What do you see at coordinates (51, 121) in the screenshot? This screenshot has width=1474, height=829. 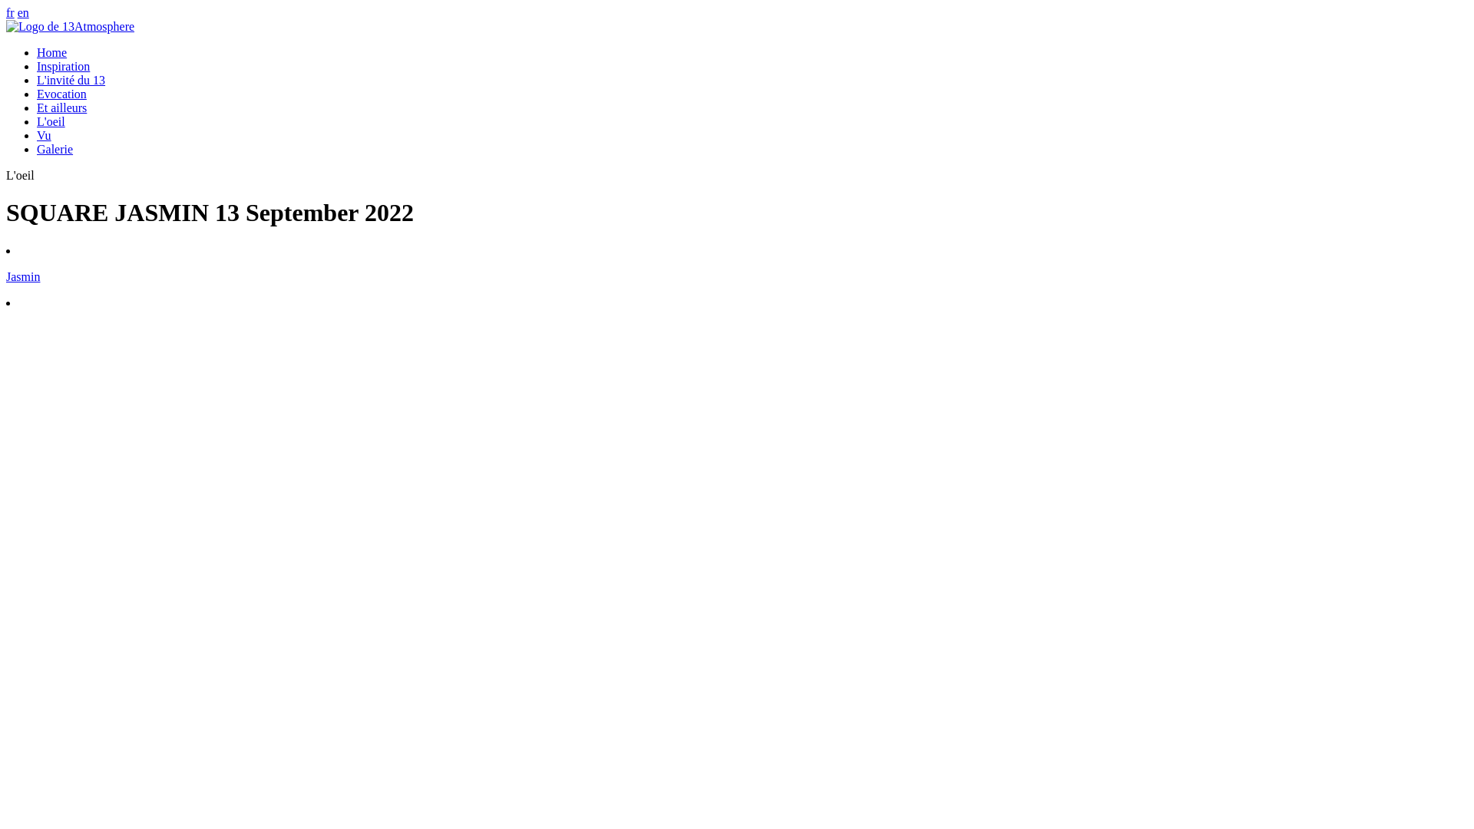 I see `'L'oeil'` at bounding box center [51, 121].